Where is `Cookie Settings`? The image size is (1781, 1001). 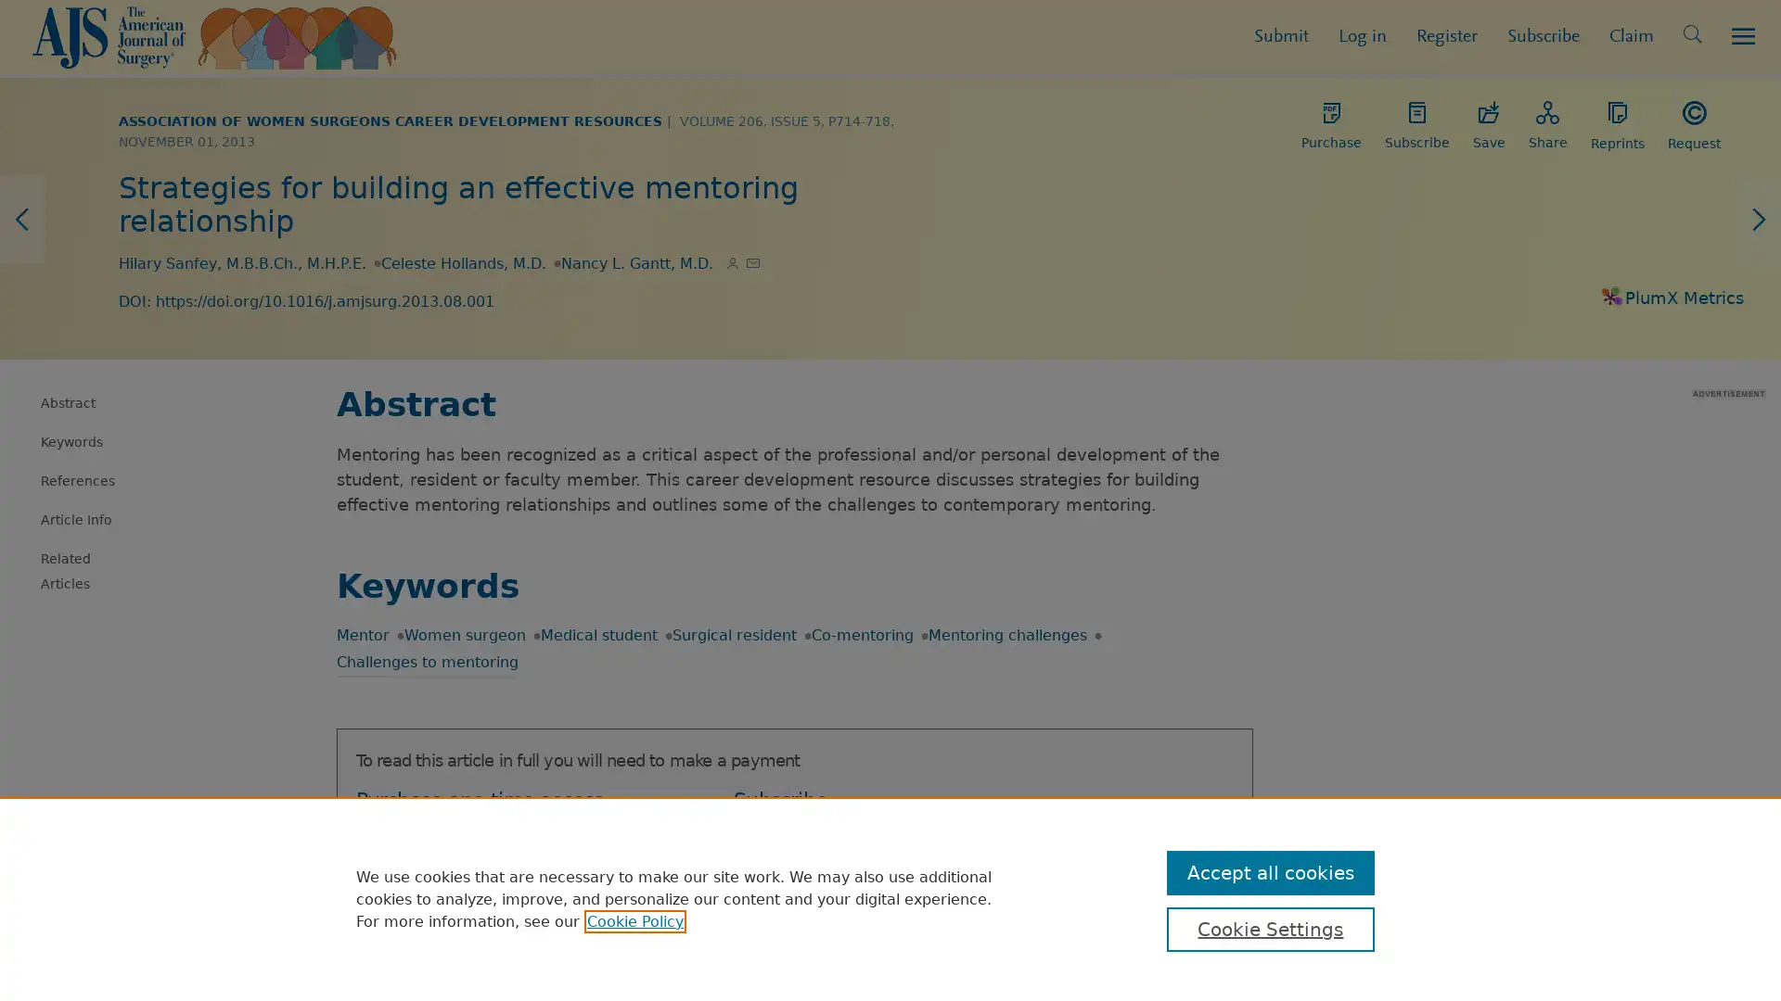
Cookie Settings is located at coordinates (1268, 929).